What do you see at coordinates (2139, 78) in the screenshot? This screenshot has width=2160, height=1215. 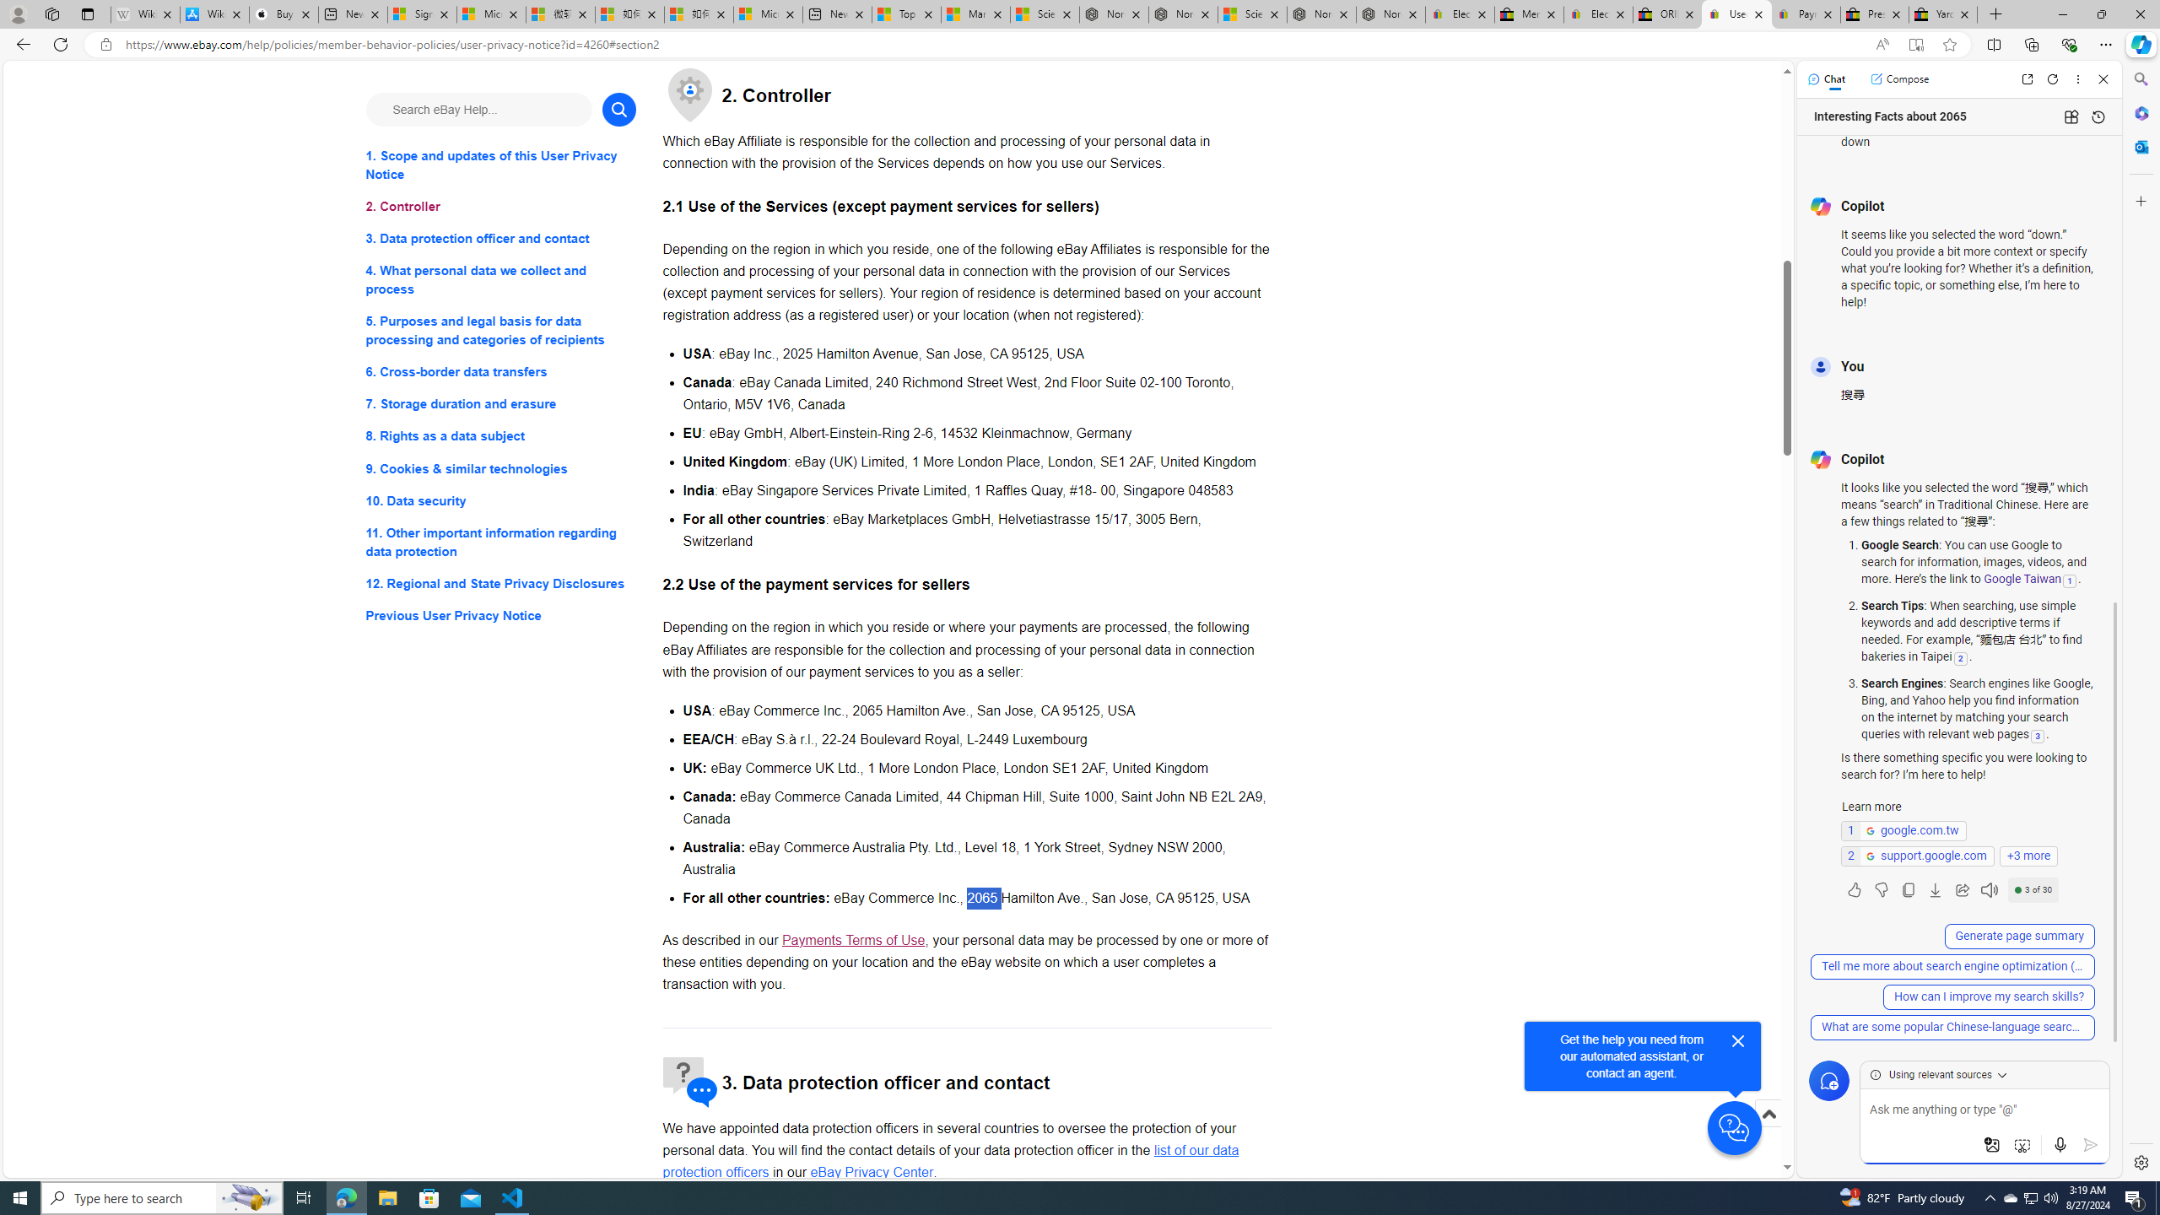 I see `'Search'` at bounding box center [2139, 78].